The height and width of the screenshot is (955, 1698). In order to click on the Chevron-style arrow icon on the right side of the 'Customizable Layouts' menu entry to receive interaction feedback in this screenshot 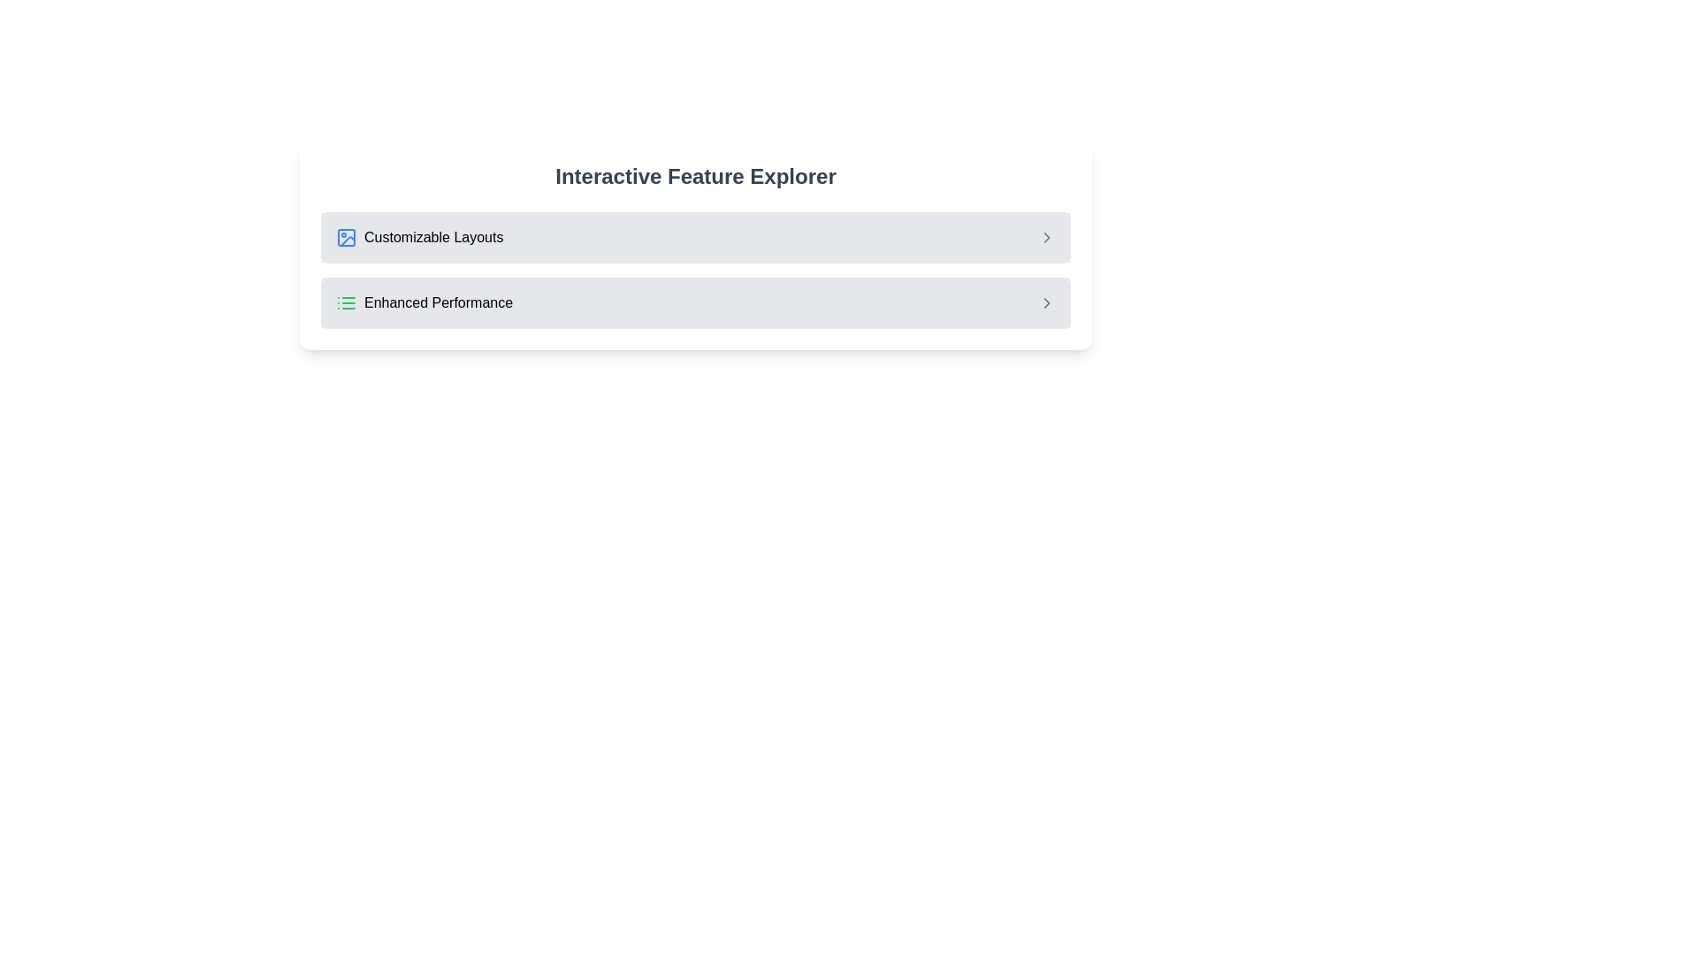, I will do `click(1047, 237)`.